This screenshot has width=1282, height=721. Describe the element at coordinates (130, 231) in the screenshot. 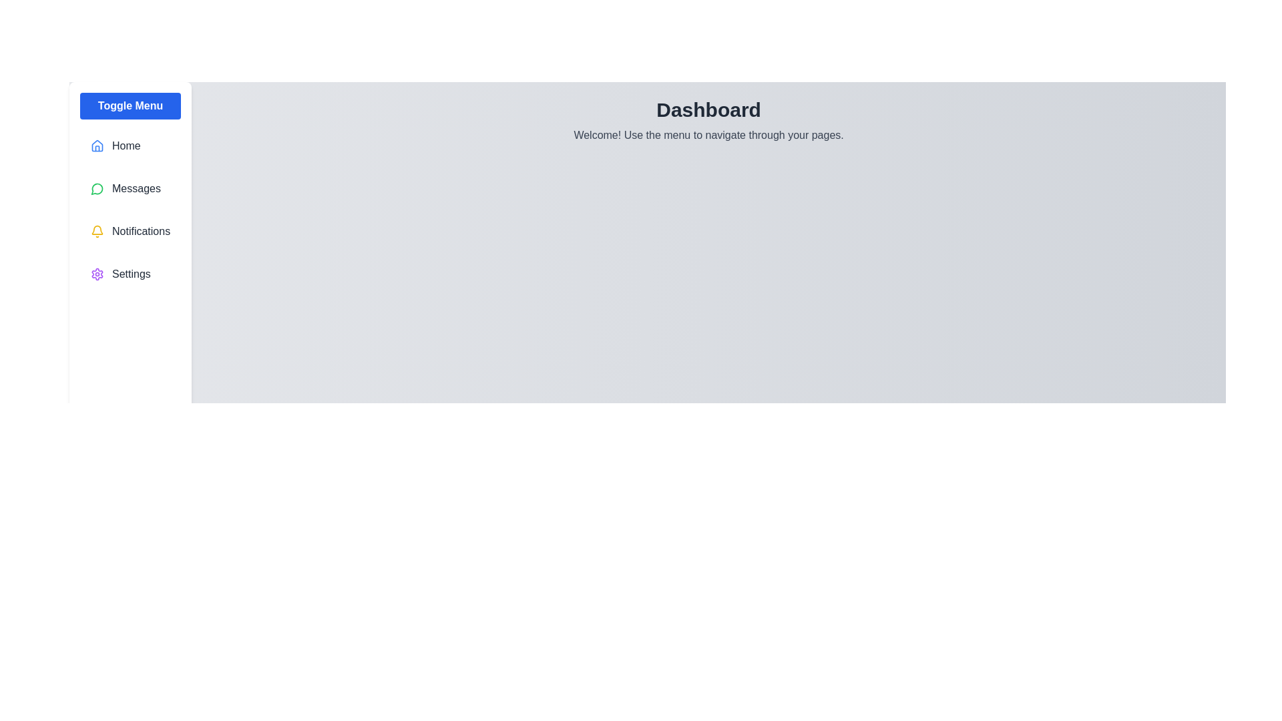

I see `the menu item labeled Notifications to observe the hover effect` at that location.